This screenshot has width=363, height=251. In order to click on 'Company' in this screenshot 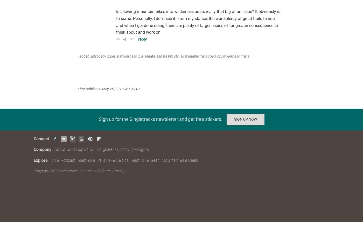, I will do `click(44, 149)`.